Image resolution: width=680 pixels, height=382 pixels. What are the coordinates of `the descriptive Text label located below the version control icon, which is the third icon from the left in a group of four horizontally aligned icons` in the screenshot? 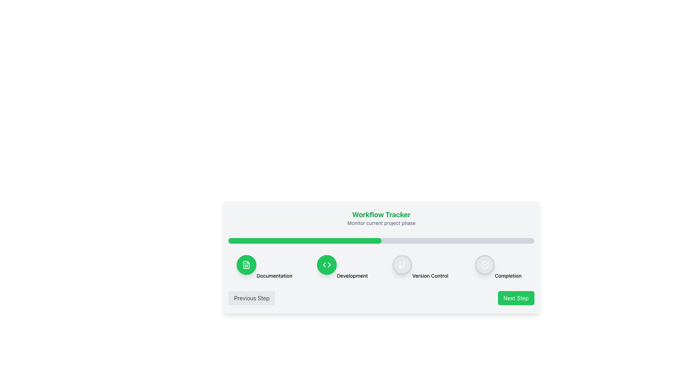 It's located at (430, 275).